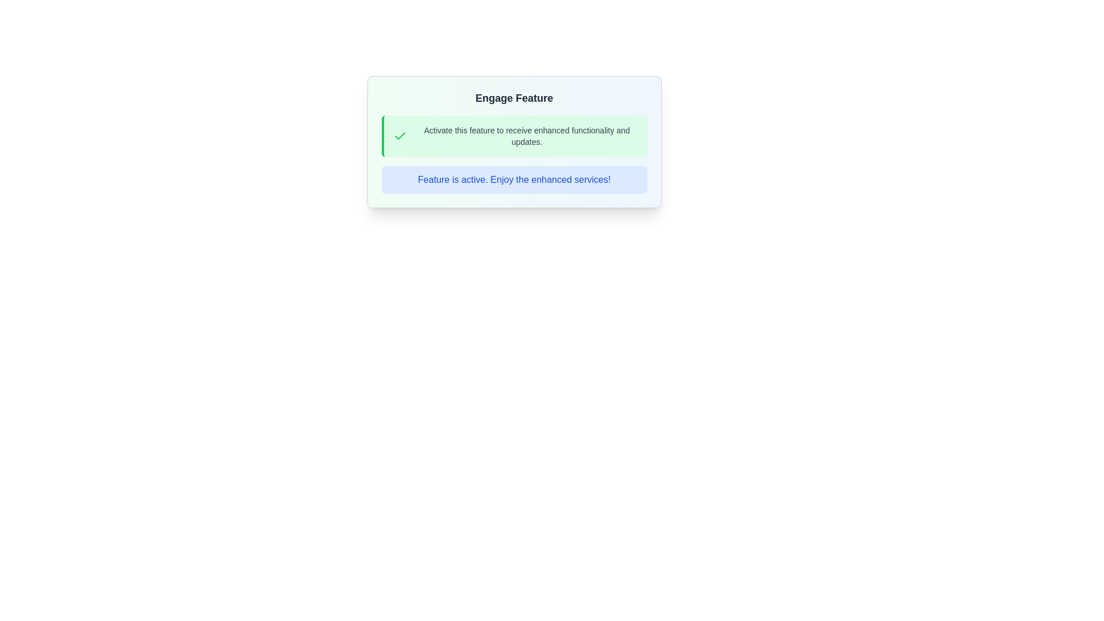  What do you see at coordinates (526, 135) in the screenshot?
I see `text content of the Text block element that states 'Activate this feature to receive enhanced functionality and updates.'` at bounding box center [526, 135].